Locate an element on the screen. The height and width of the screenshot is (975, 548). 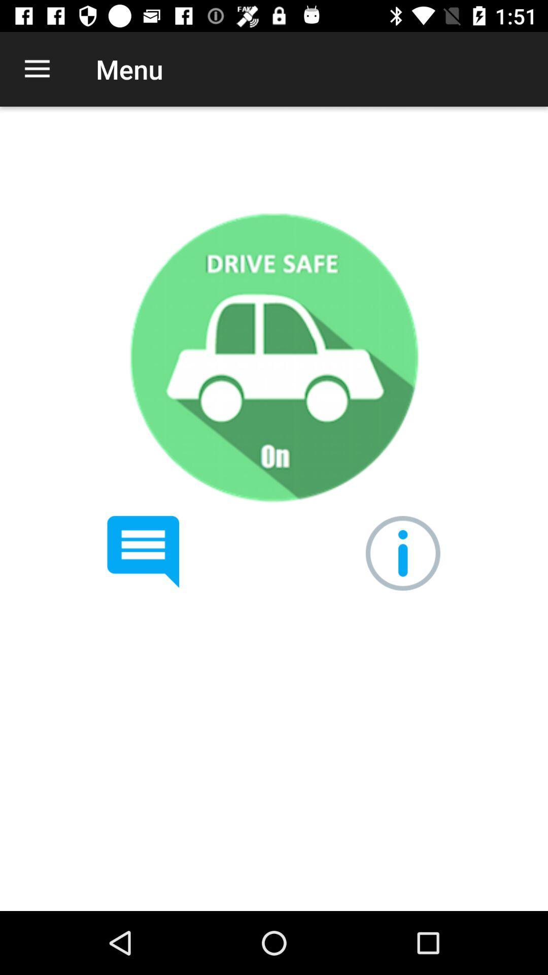
message is located at coordinates (143, 551).